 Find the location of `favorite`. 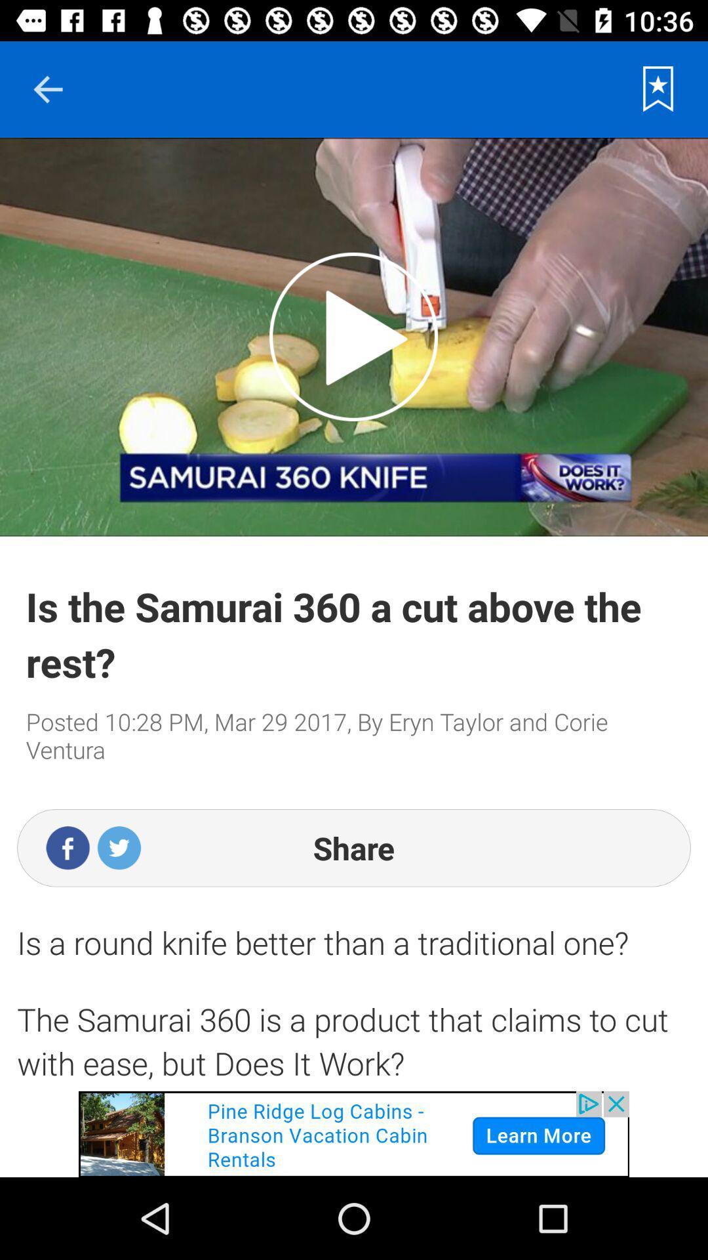

favorite is located at coordinates (658, 89).